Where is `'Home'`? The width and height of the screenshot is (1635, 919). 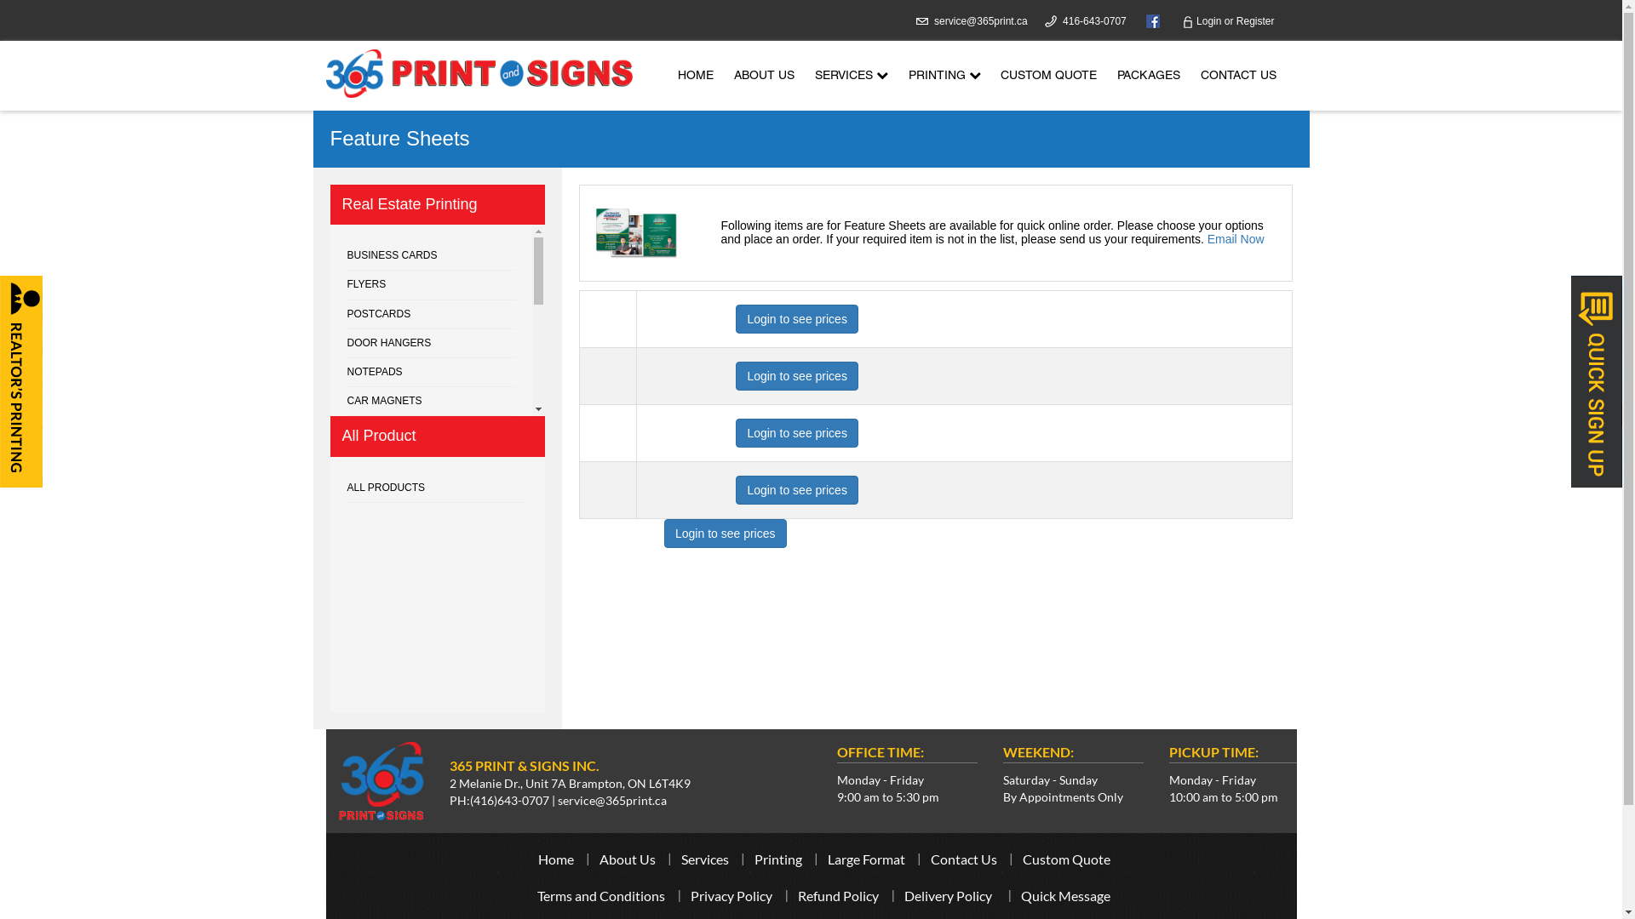
'Home' is located at coordinates (555, 859).